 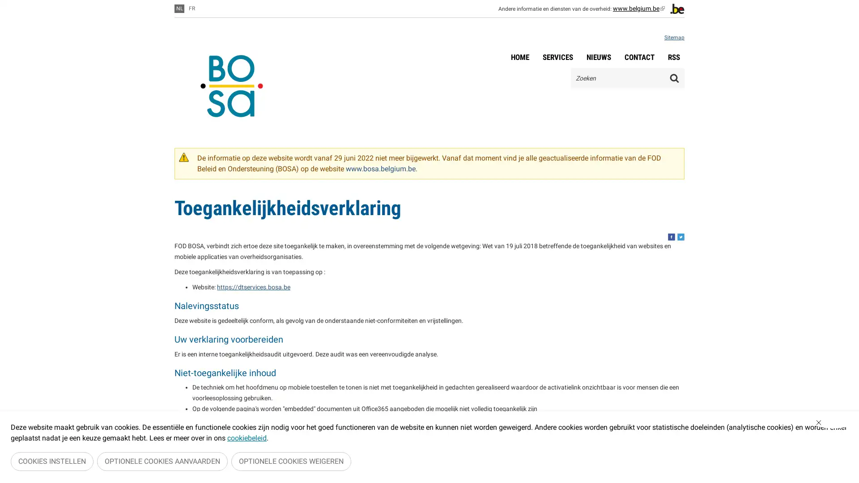 What do you see at coordinates (674, 77) in the screenshot?
I see `Zoeken` at bounding box center [674, 77].